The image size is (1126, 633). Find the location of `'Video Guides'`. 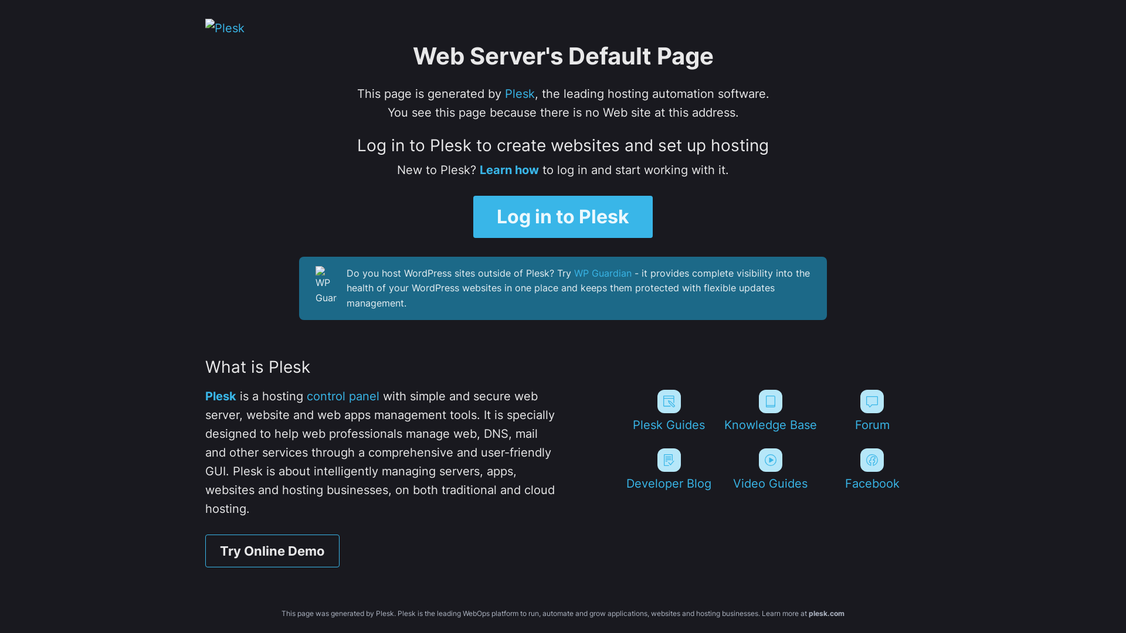

'Video Guides' is located at coordinates (770, 469).